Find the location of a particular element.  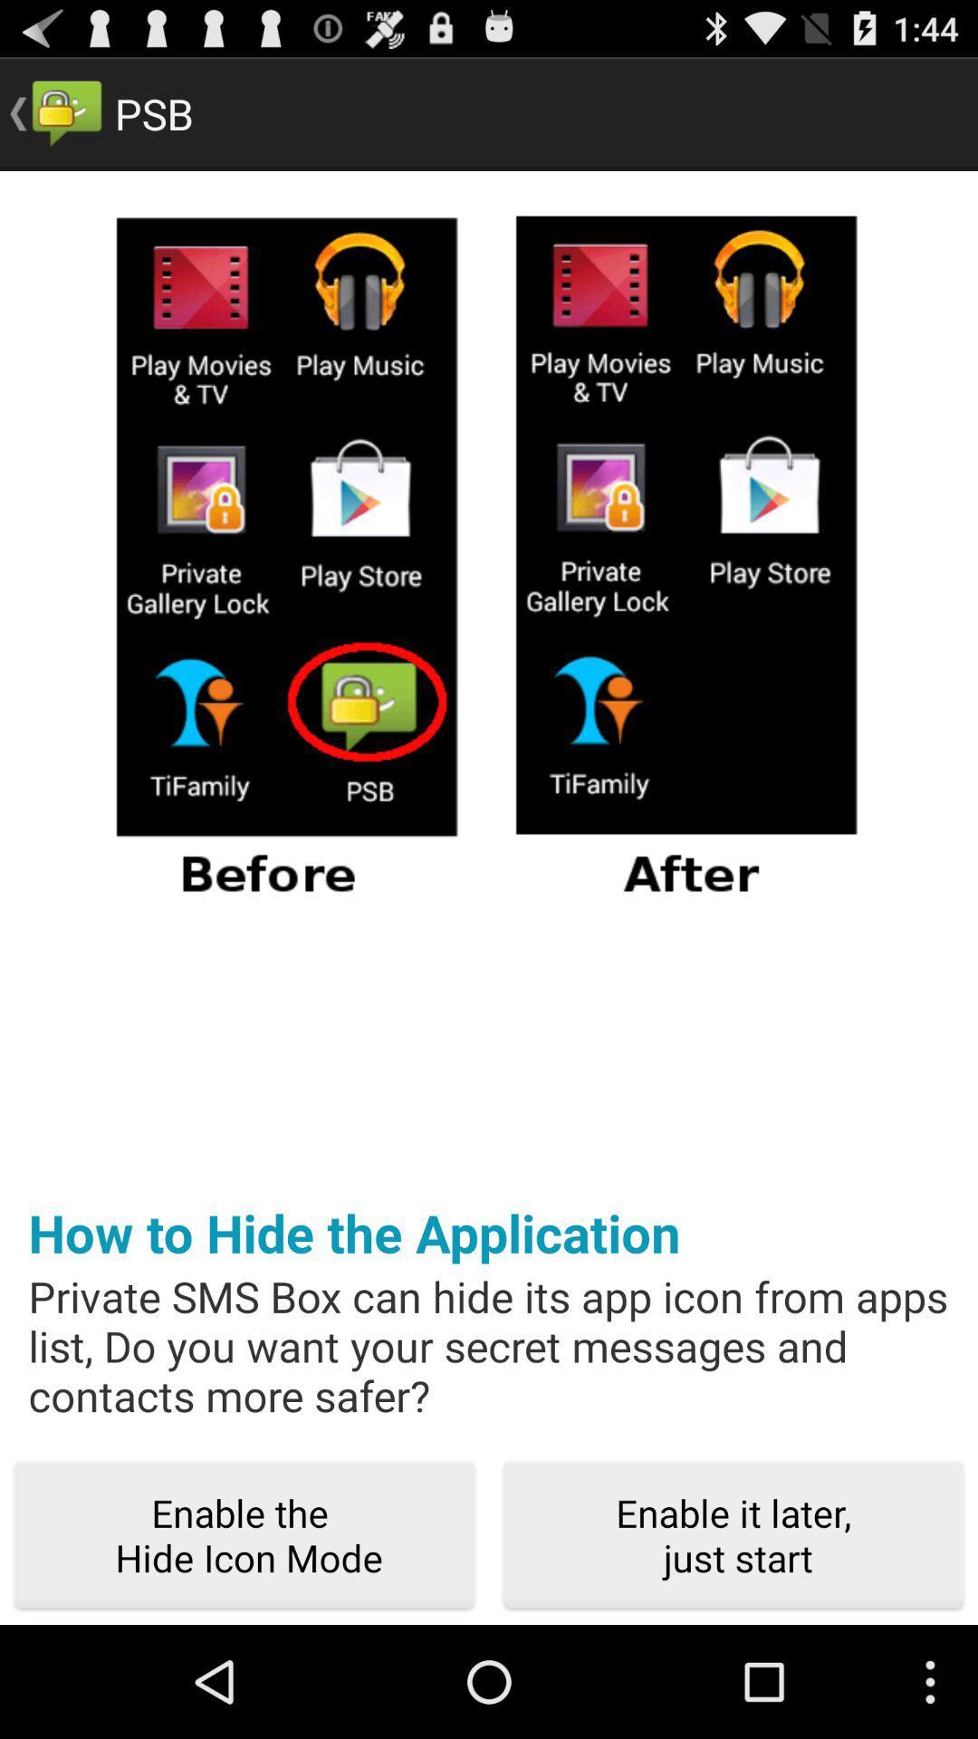

the icon to the right of enable the hide icon is located at coordinates (733, 1535).